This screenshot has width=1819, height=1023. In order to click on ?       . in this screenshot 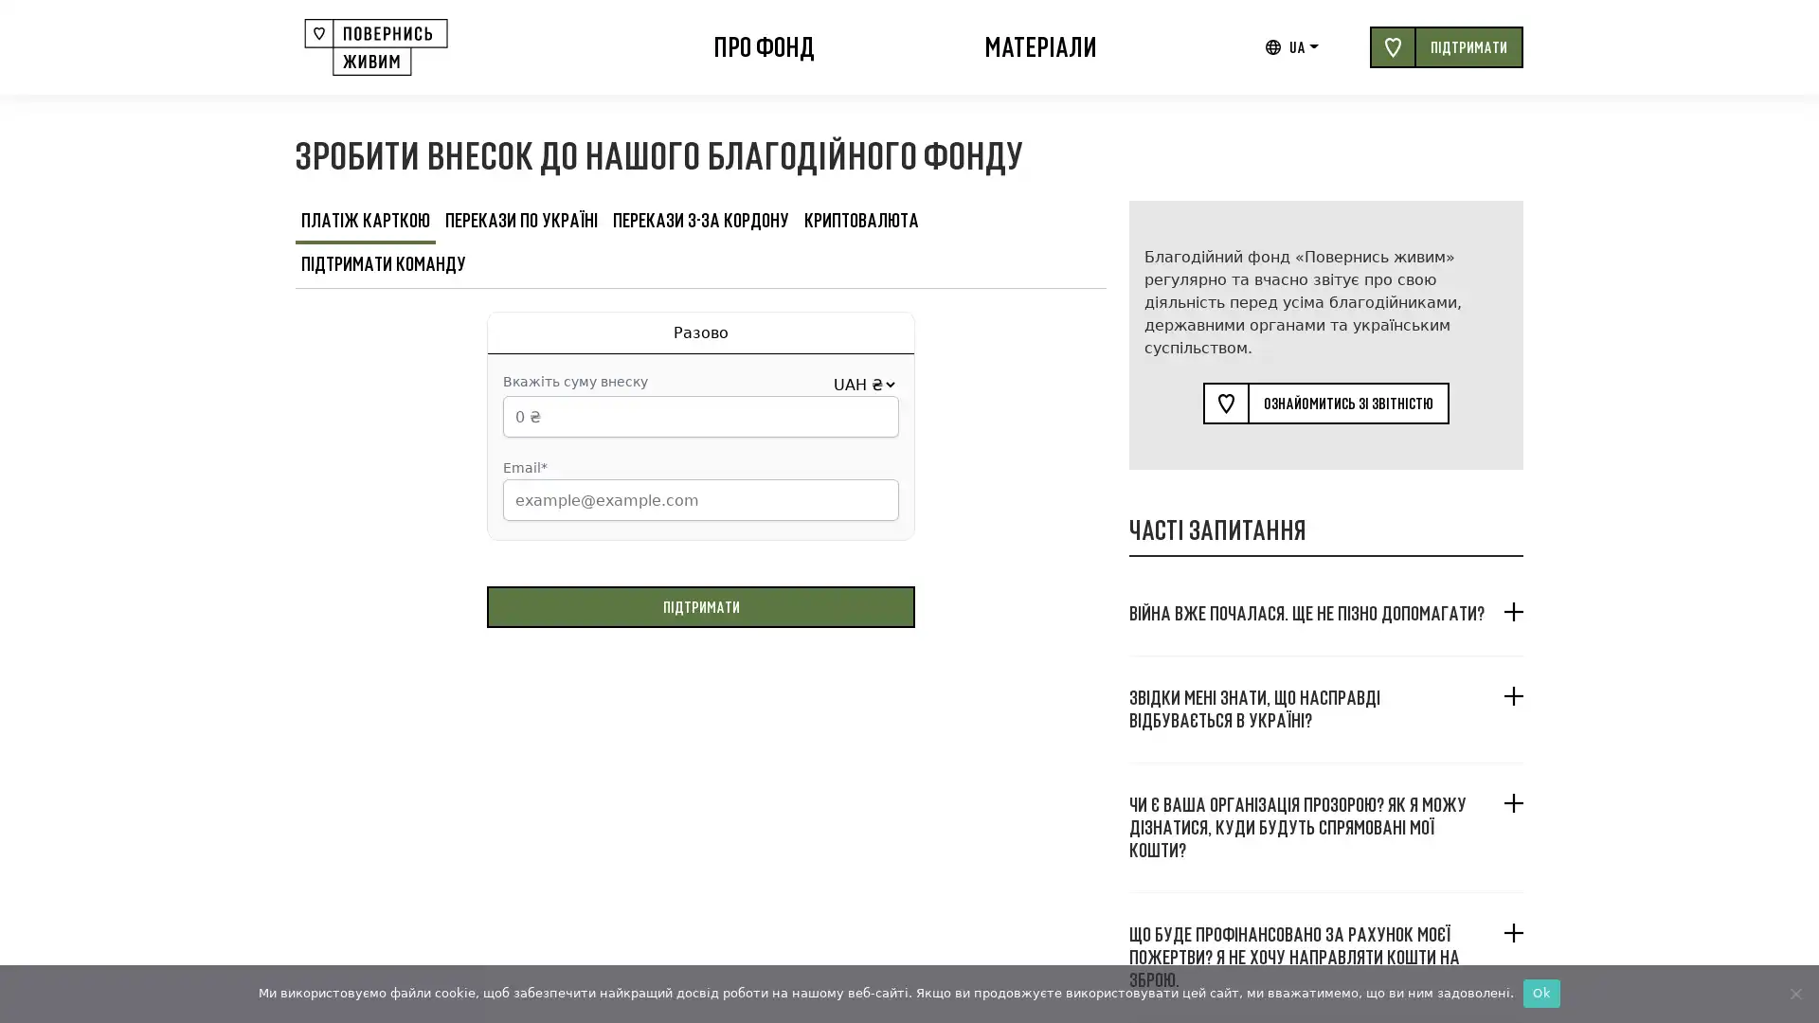, I will do `click(1325, 957)`.